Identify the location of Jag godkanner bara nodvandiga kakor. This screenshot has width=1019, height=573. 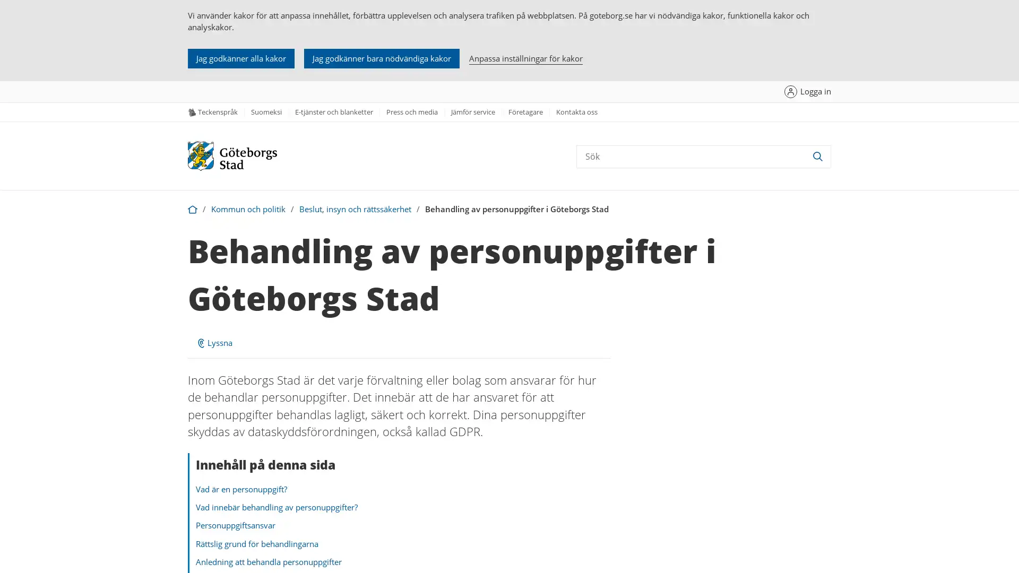
(382, 58).